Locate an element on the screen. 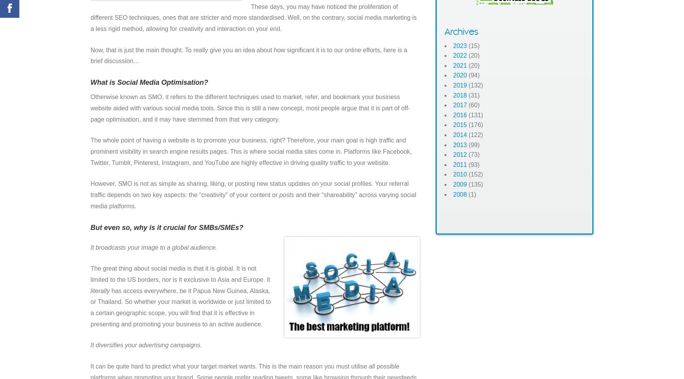 The image size is (684, 379). '(122)' is located at coordinates (474, 134).